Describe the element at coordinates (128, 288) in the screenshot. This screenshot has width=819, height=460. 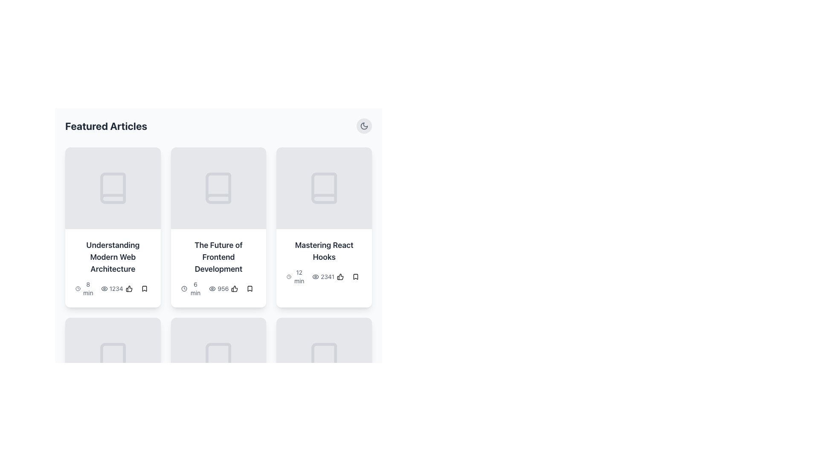
I see `the 'like' icon in the bottom-right corner of the third article preview to express approval for the associated article` at that location.